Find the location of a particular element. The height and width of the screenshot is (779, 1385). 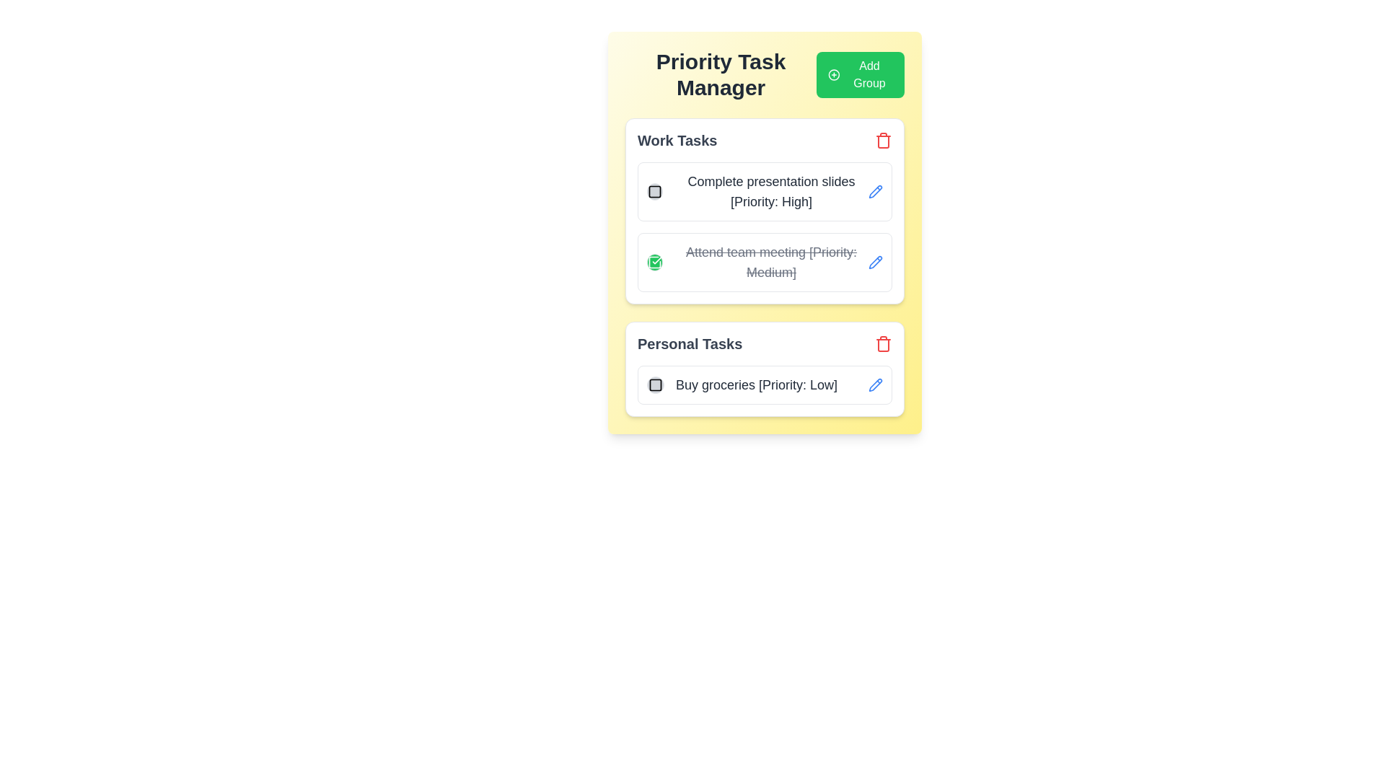

the edit button icon for the task labeled 'Attend team meeting [Priority: Medium]' is located at coordinates (875, 262).